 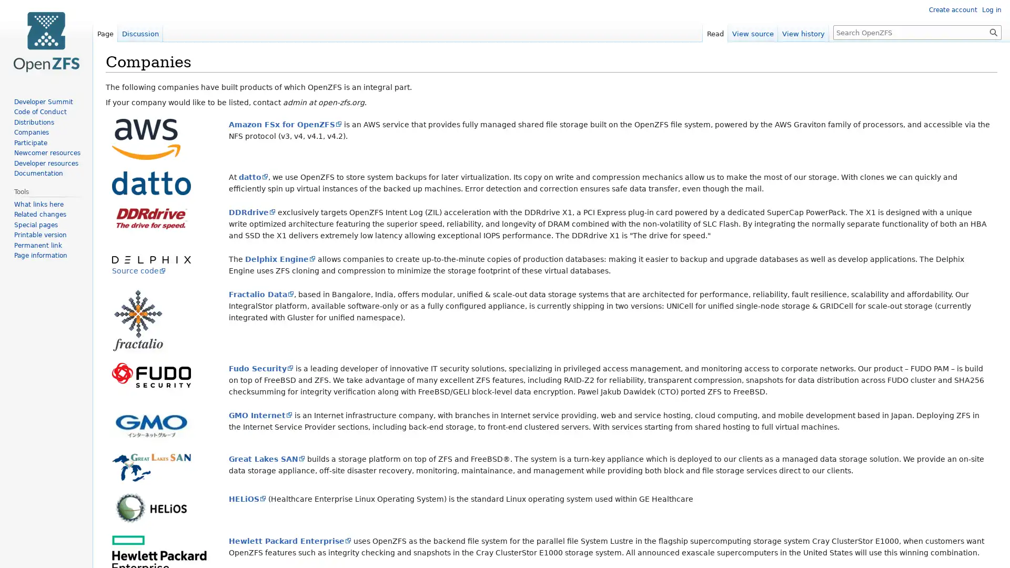 I want to click on Go, so click(x=993, y=32).